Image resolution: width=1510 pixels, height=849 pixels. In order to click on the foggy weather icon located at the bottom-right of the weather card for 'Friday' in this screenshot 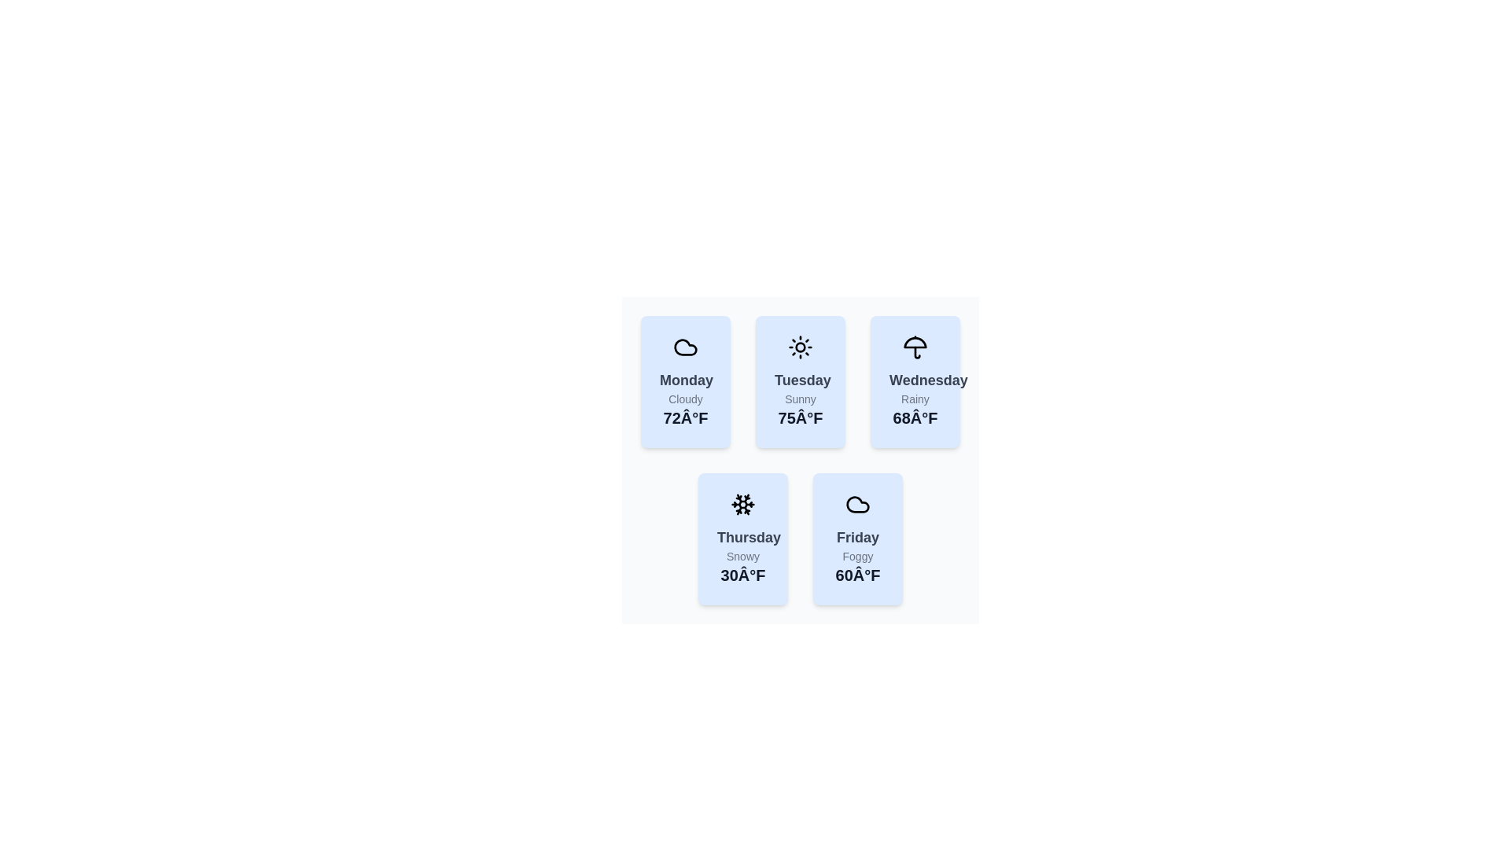, I will do `click(856, 504)`.